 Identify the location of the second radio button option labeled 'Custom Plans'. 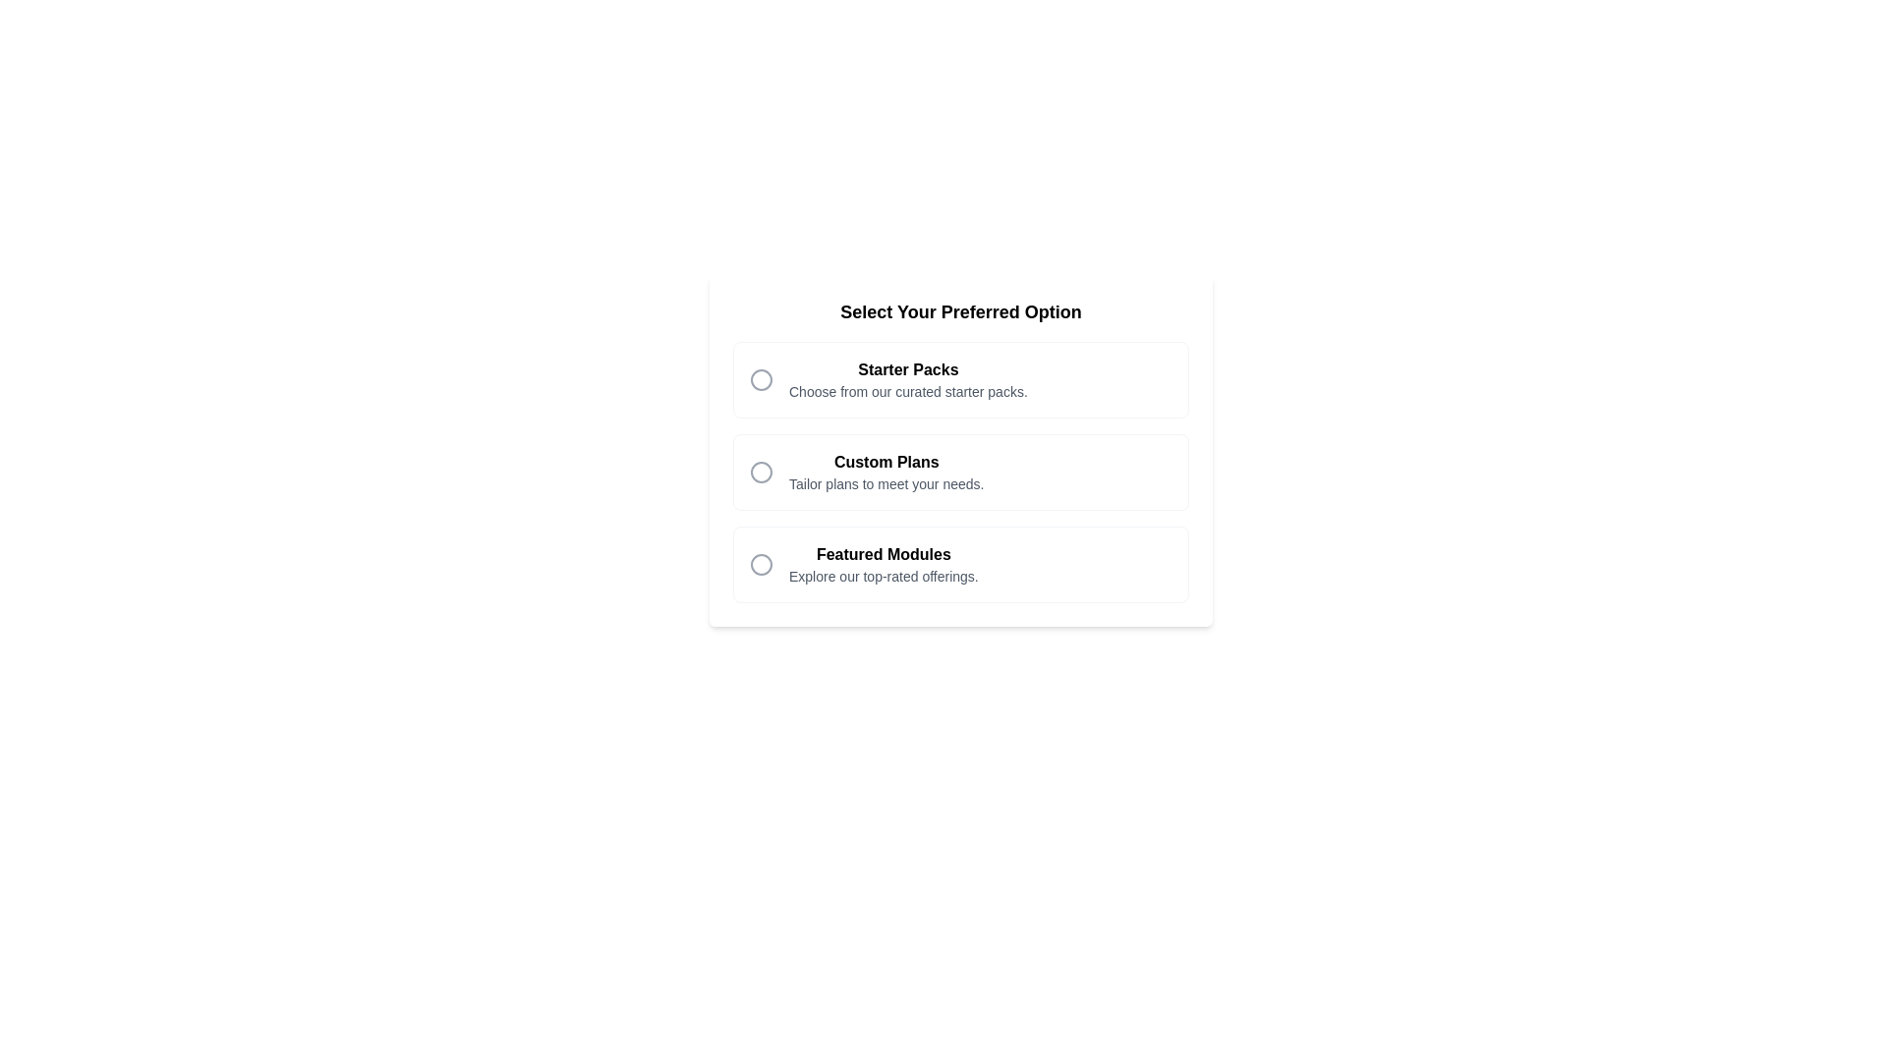
(961, 473).